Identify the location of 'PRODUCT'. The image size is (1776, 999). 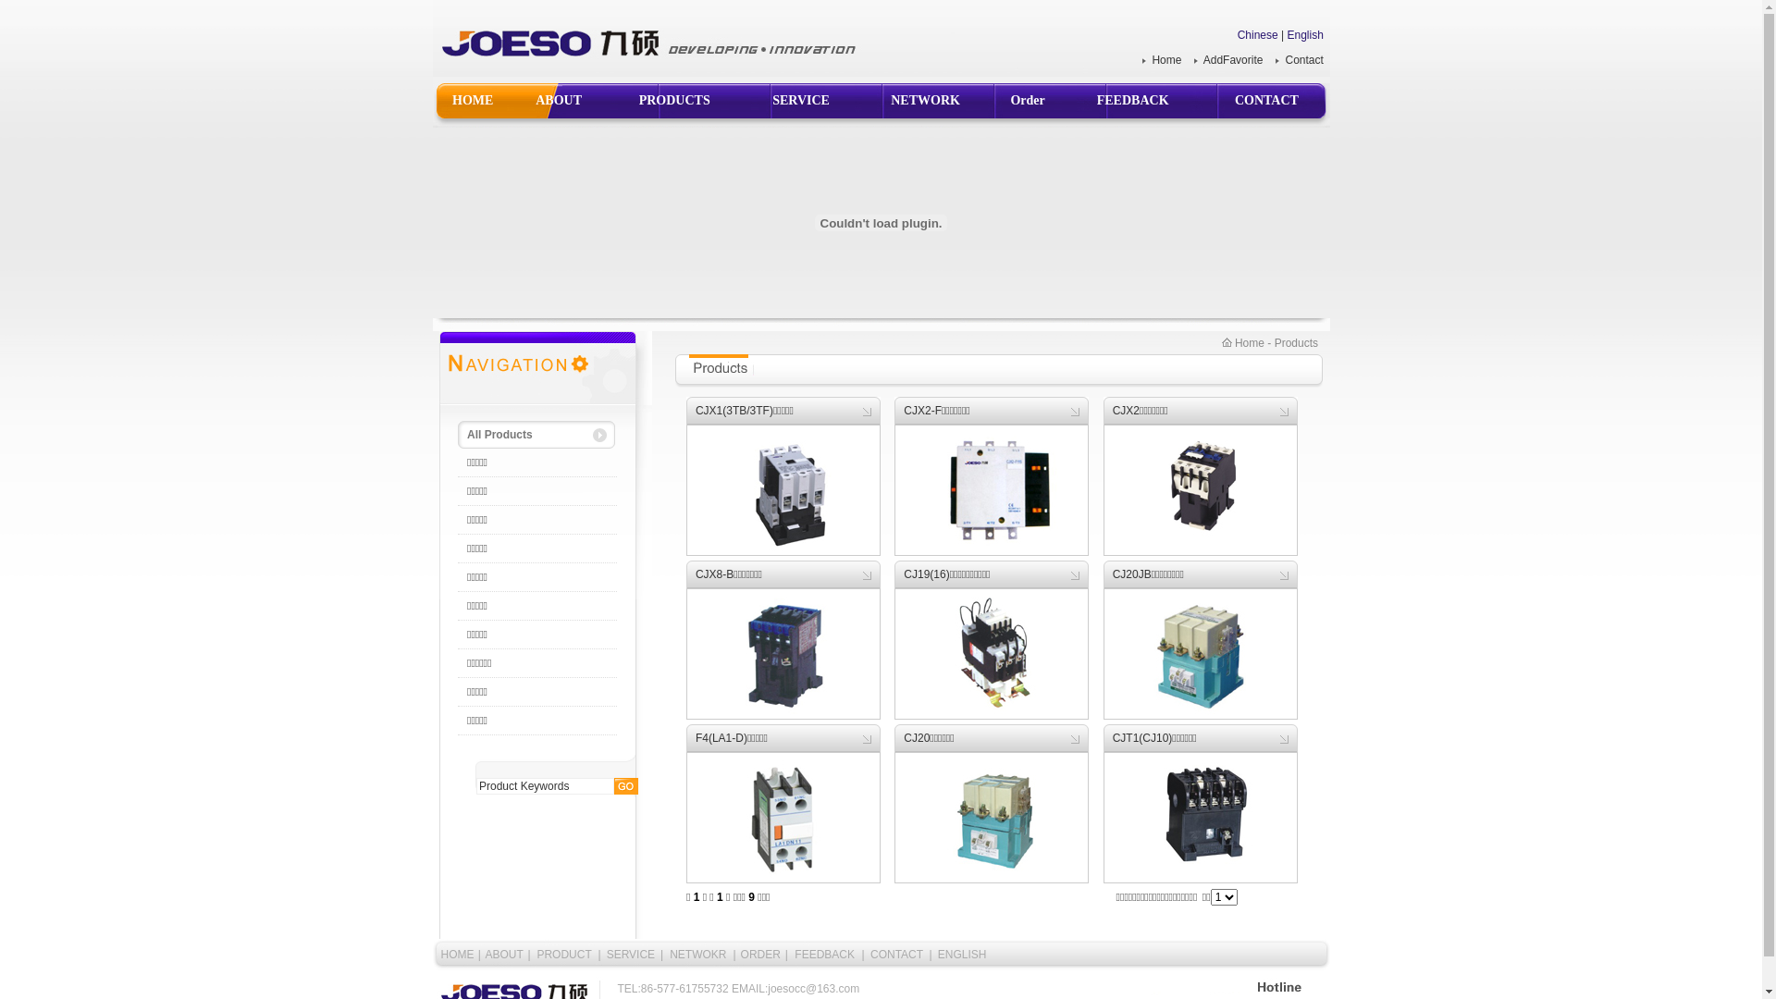
(562, 955).